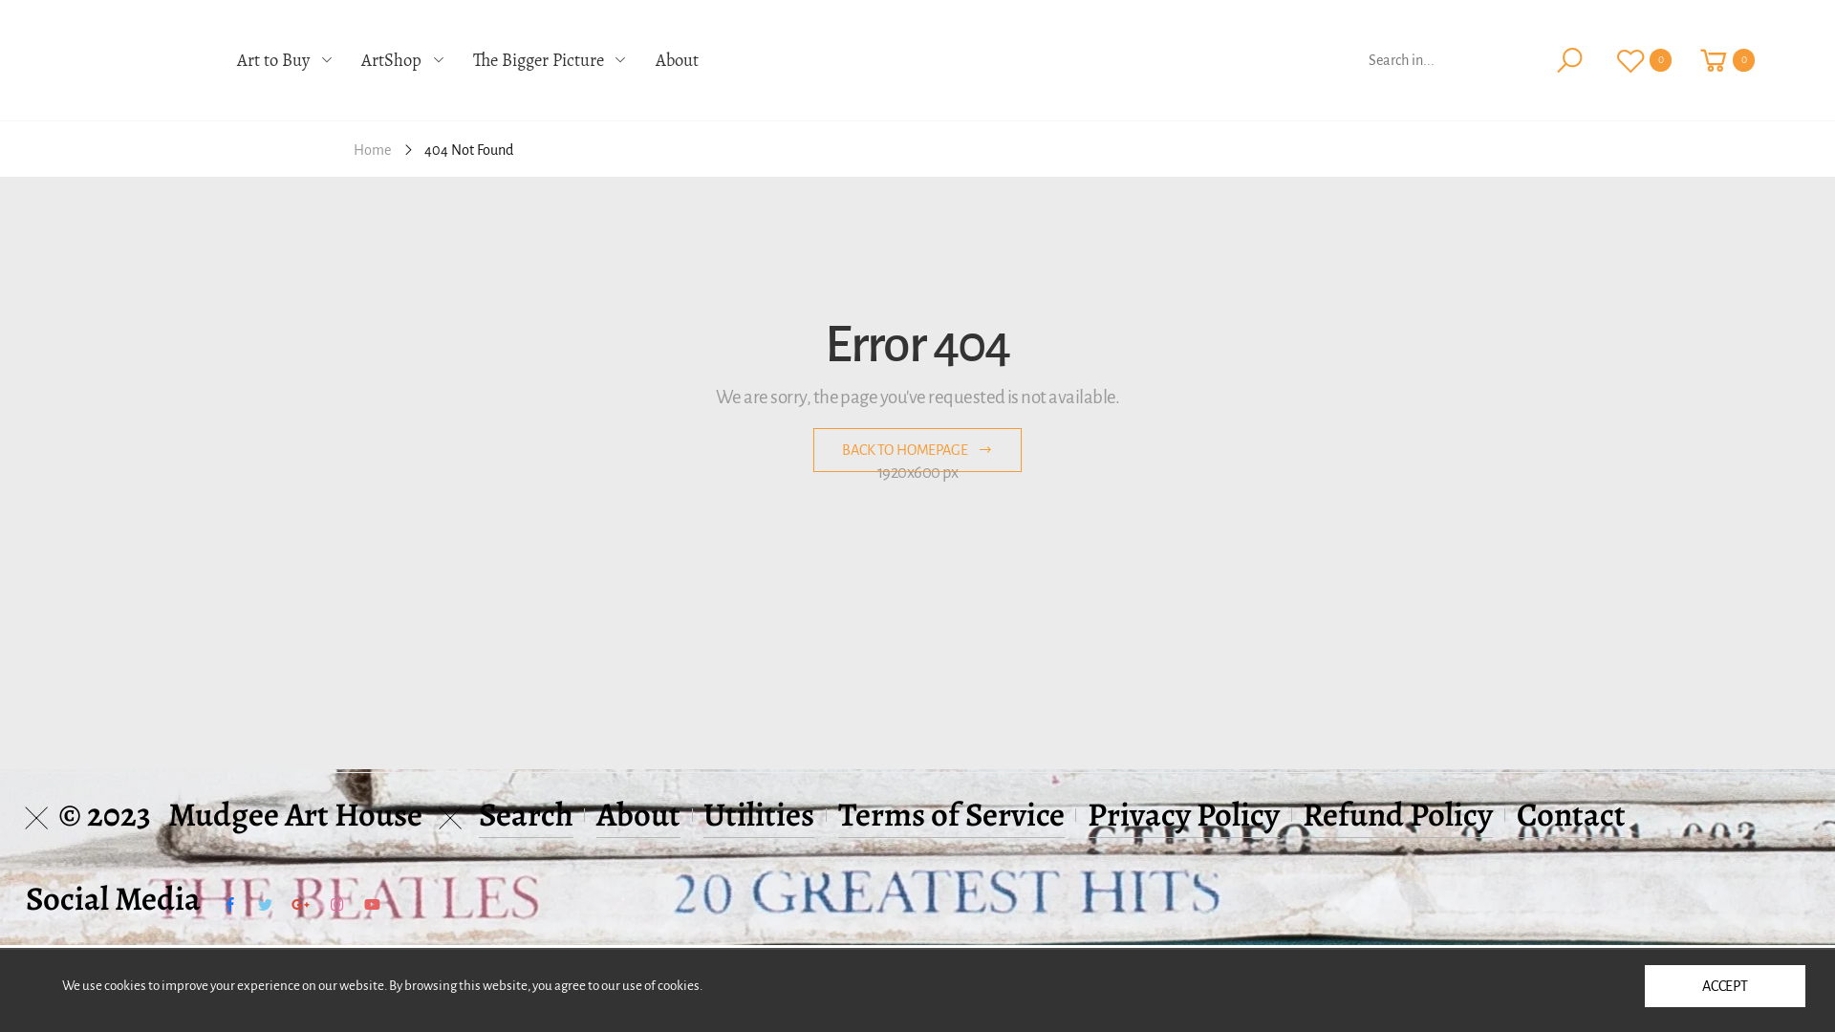 The image size is (1835, 1032). Describe the element at coordinates (472, 59) in the screenshot. I see `'The Bigger Picture'` at that location.